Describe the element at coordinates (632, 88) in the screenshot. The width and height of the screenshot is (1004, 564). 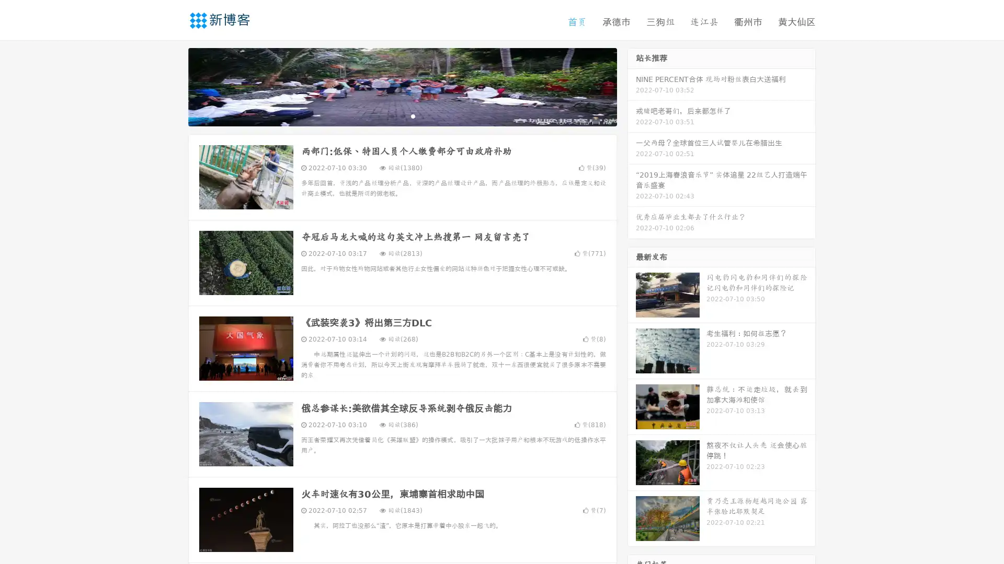
I see `Next slide` at that location.